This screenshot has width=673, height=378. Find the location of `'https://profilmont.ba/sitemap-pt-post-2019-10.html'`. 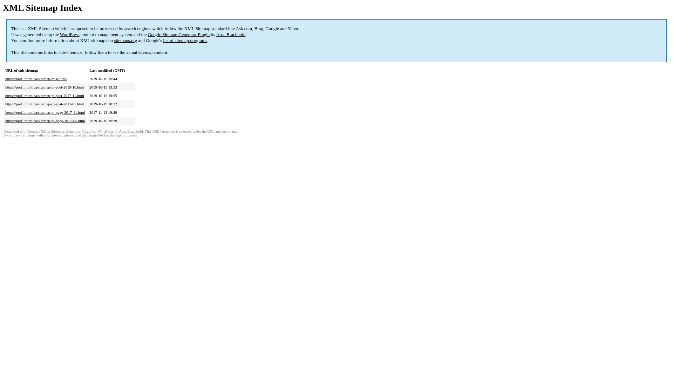

'https://profilmont.ba/sitemap-pt-post-2019-10.html' is located at coordinates (44, 87).